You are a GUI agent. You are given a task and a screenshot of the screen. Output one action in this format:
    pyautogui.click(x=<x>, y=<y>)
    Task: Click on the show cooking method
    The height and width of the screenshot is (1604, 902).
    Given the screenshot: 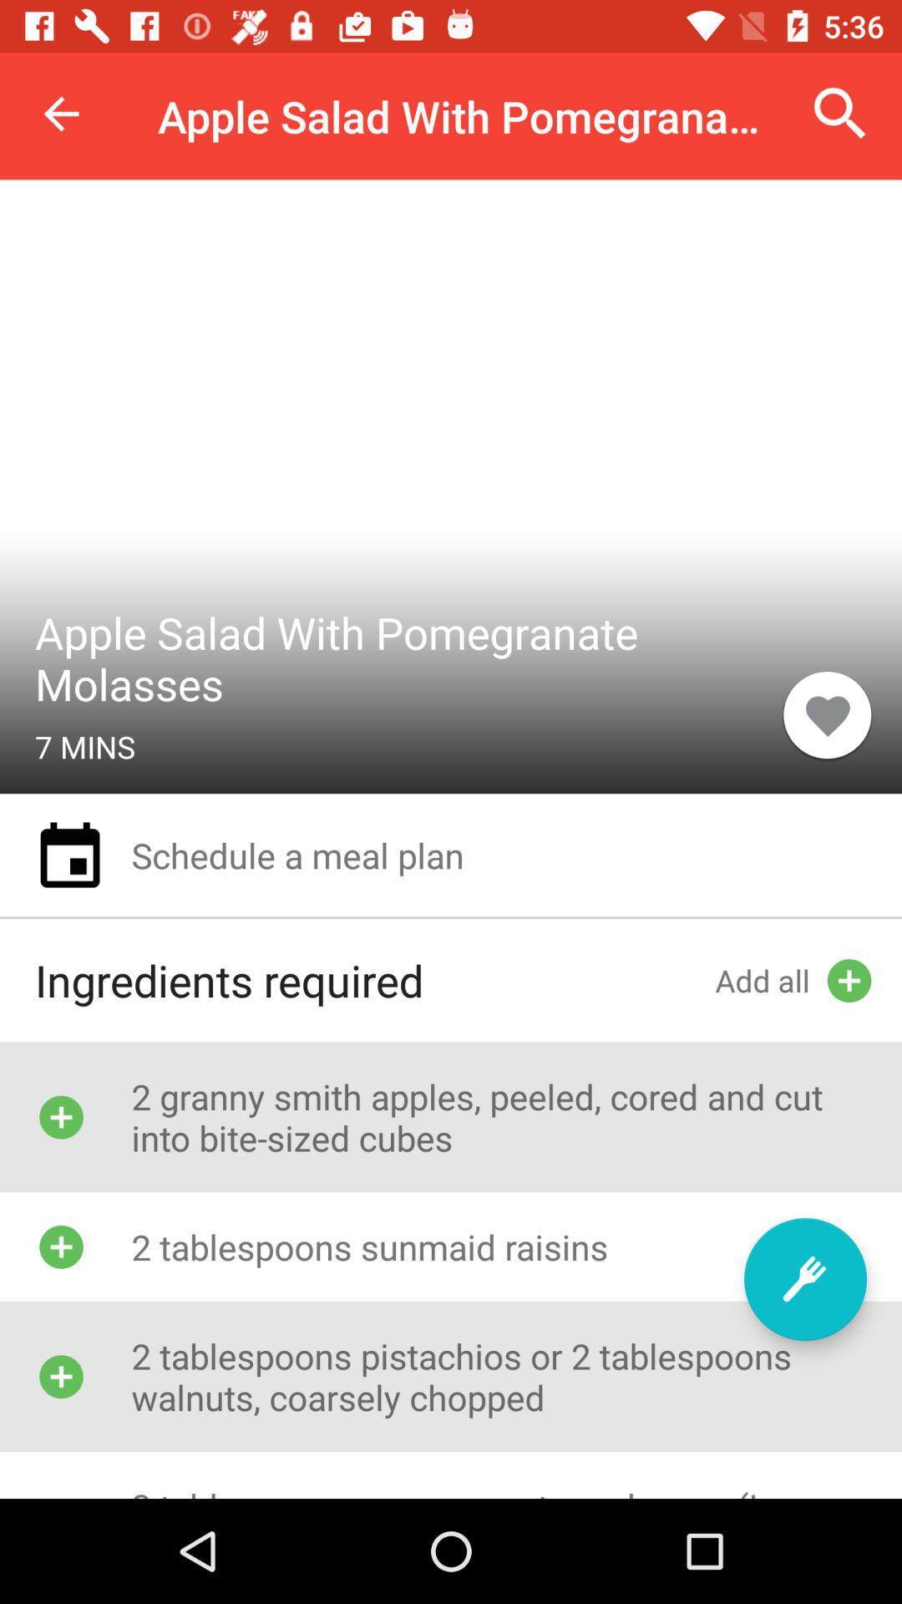 What is the action you would take?
    pyautogui.click(x=804, y=1278)
    